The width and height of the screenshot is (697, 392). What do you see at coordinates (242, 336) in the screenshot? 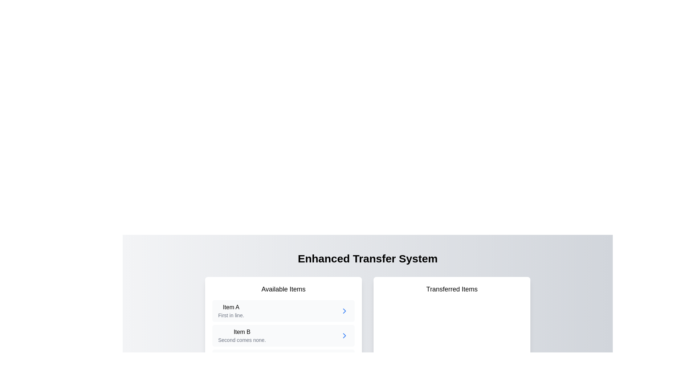
I see `the second item in the 'Available Items' section, which is a Text description block located centrally in the left-hand side card, positioned below 'Item A'` at bounding box center [242, 336].